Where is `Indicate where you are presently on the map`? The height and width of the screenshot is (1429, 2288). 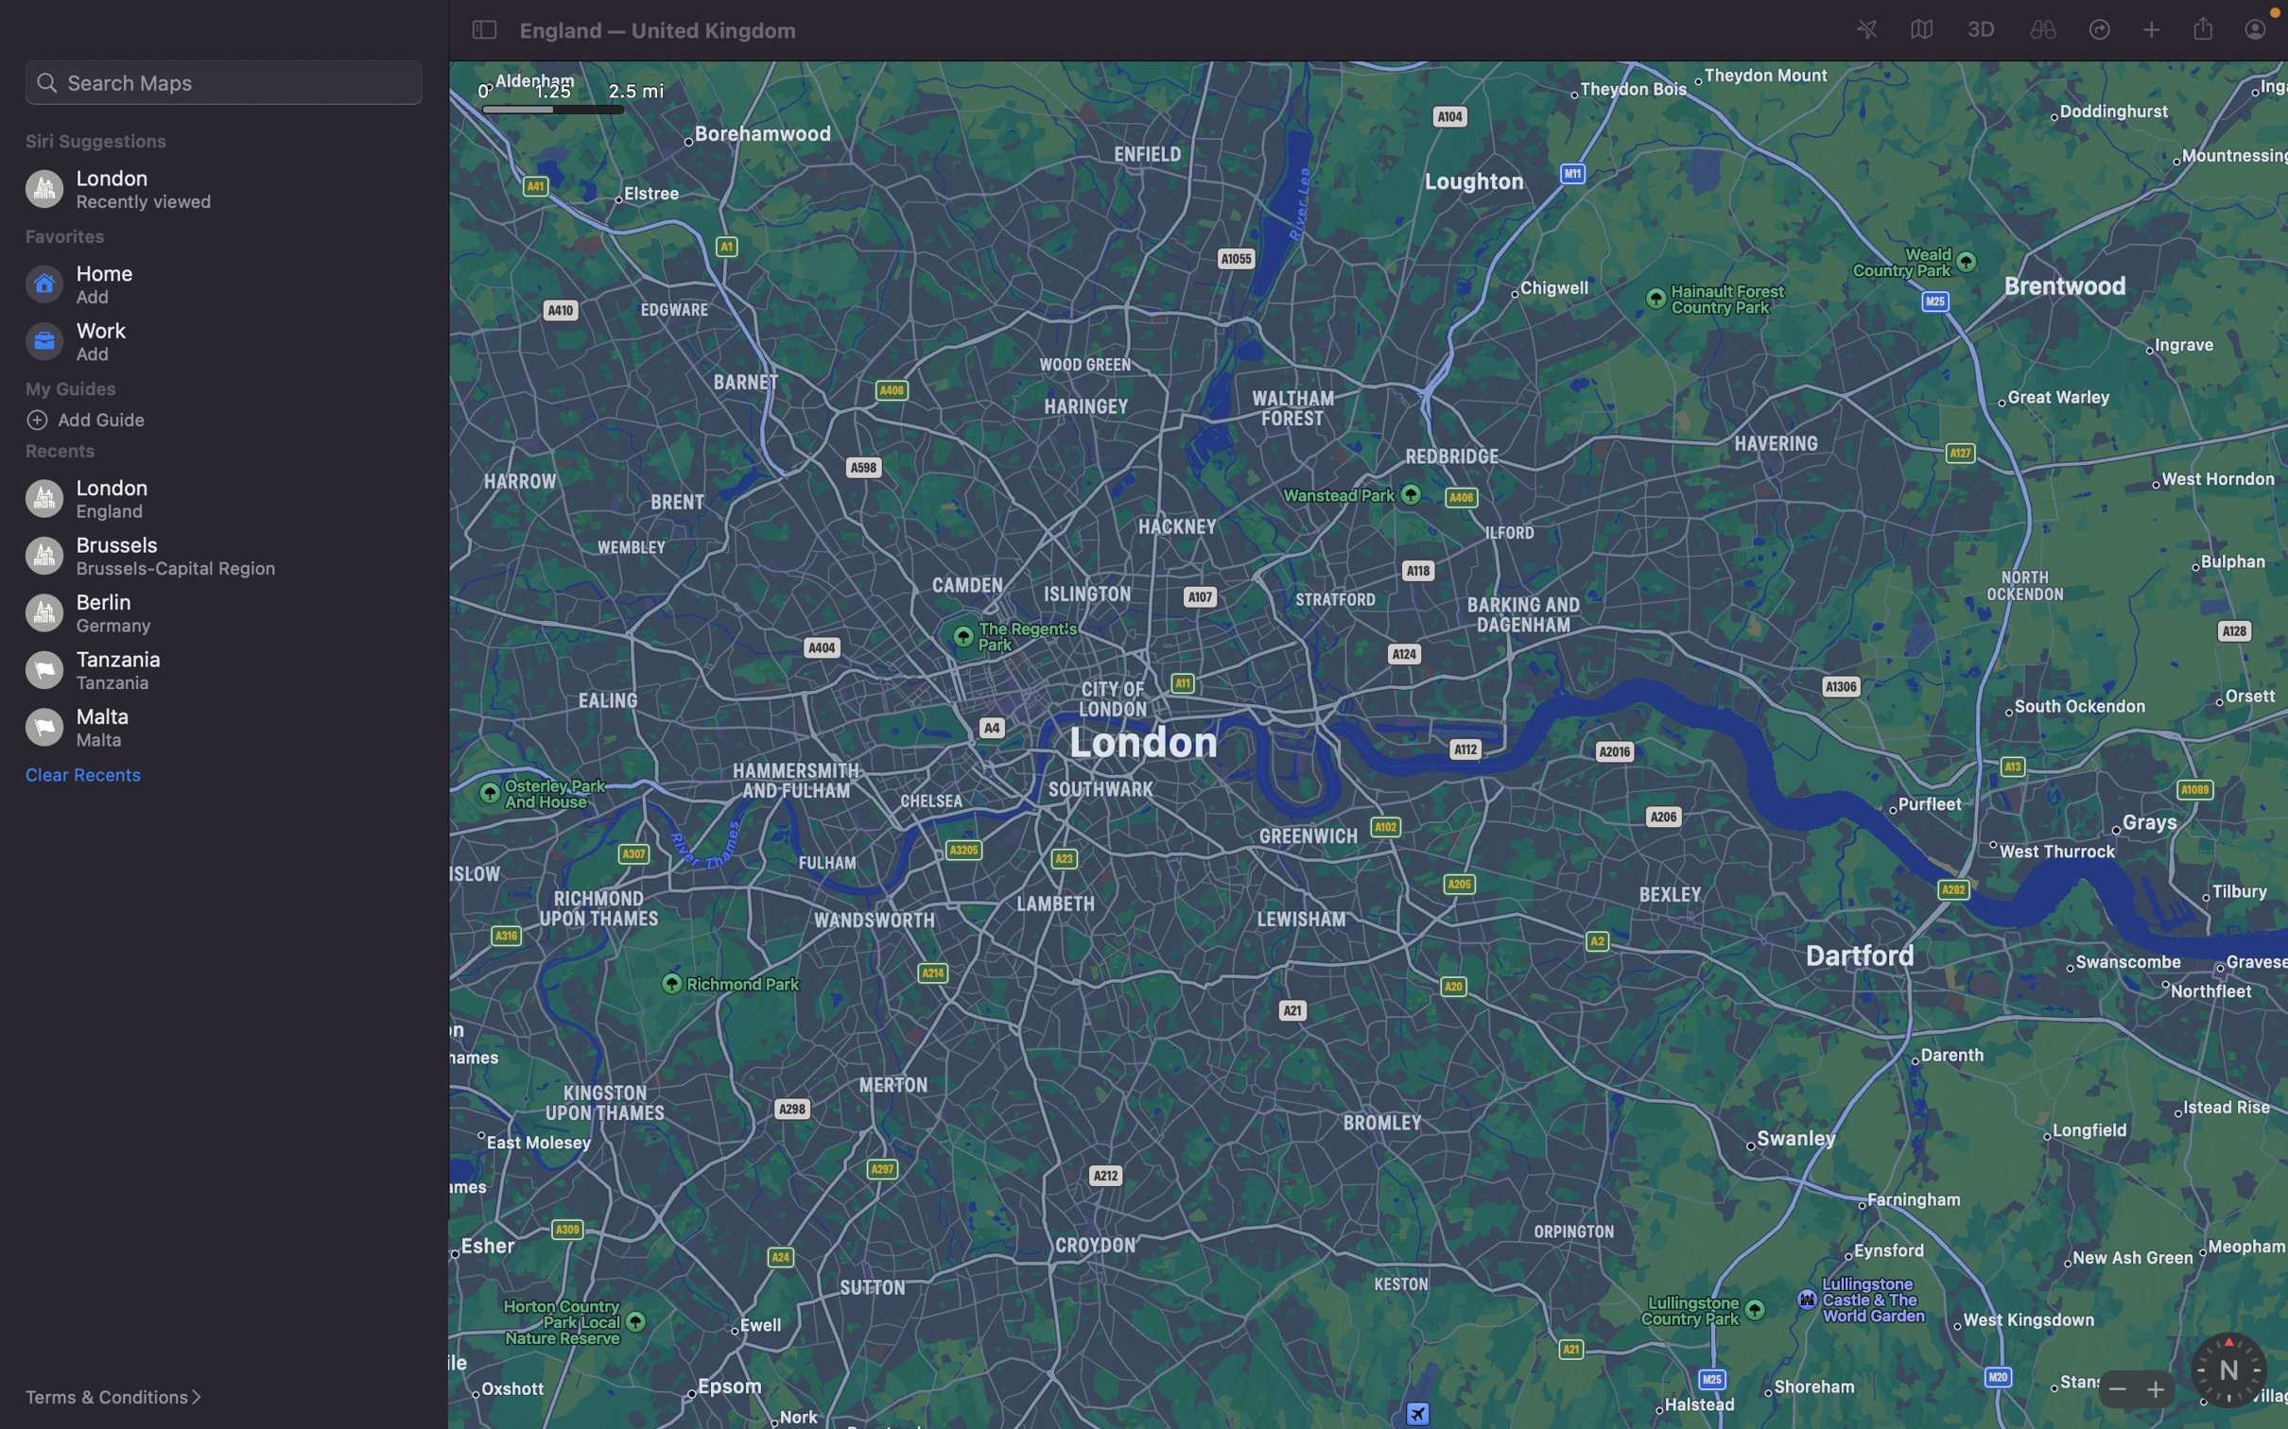 Indicate where you are presently on the map is located at coordinates (1867, 30).